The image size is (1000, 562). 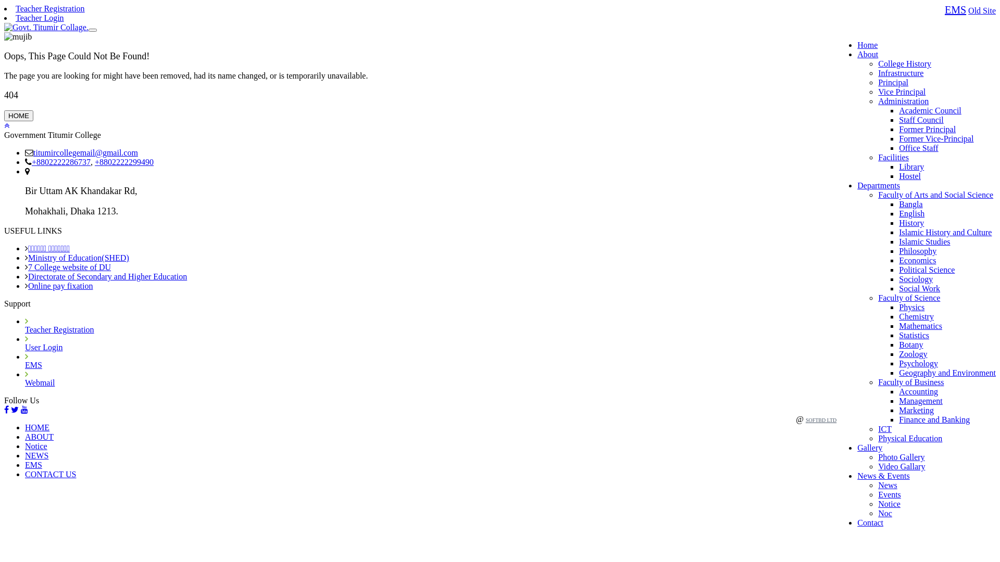 I want to click on 'Photo Gallery', so click(x=901, y=456).